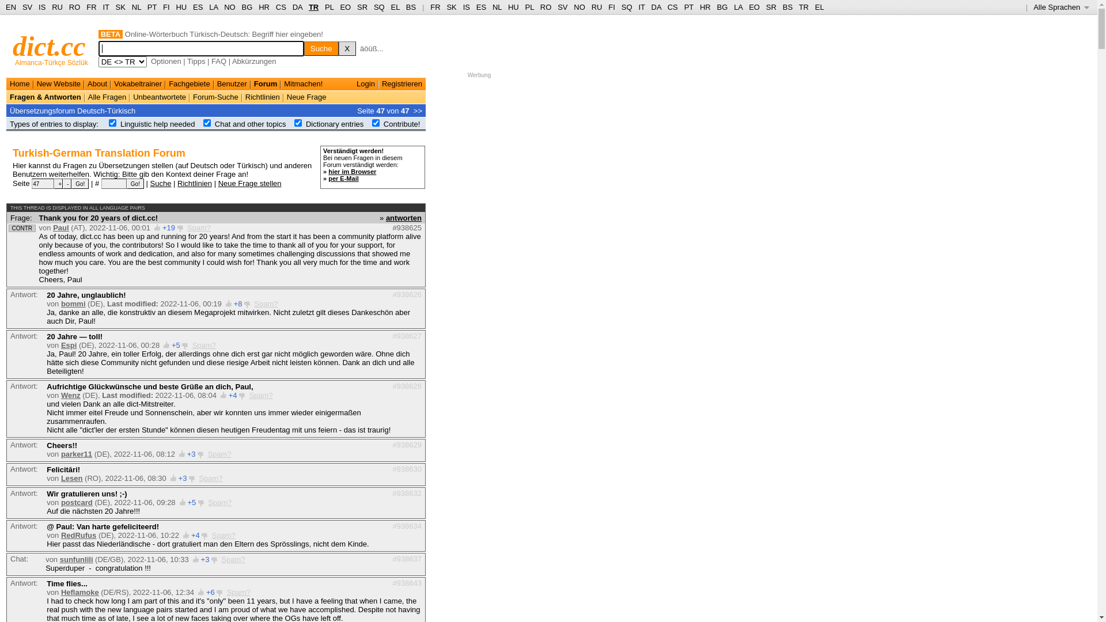  What do you see at coordinates (175, 344) in the screenshot?
I see `'+5'` at bounding box center [175, 344].